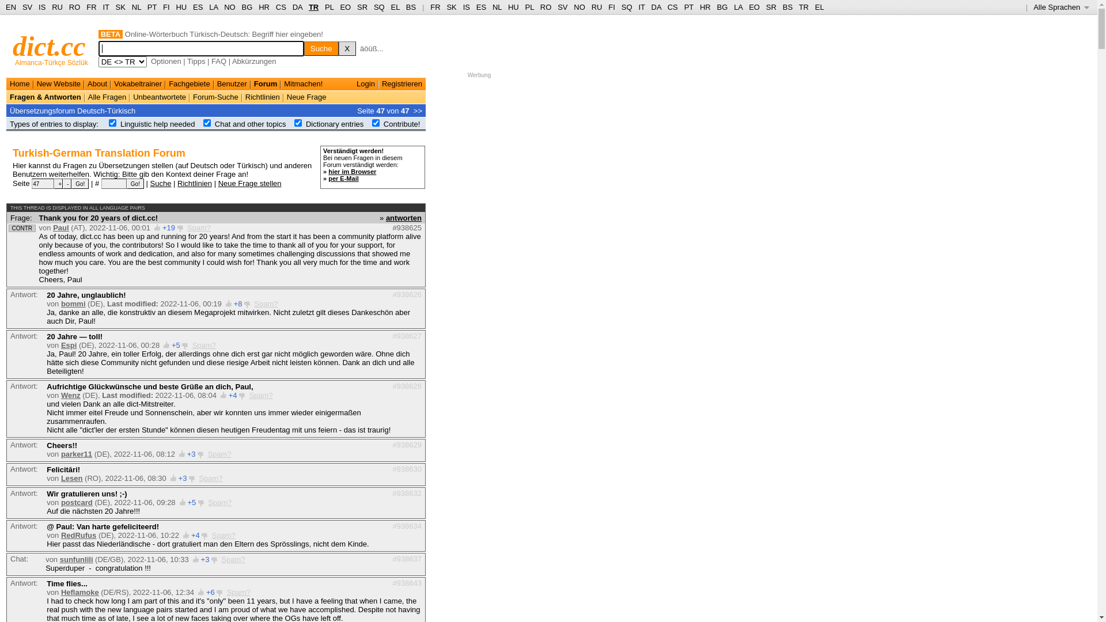  What do you see at coordinates (175, 344) in the screenshot?
I see `'+5'` at bounding box center [175, 344].